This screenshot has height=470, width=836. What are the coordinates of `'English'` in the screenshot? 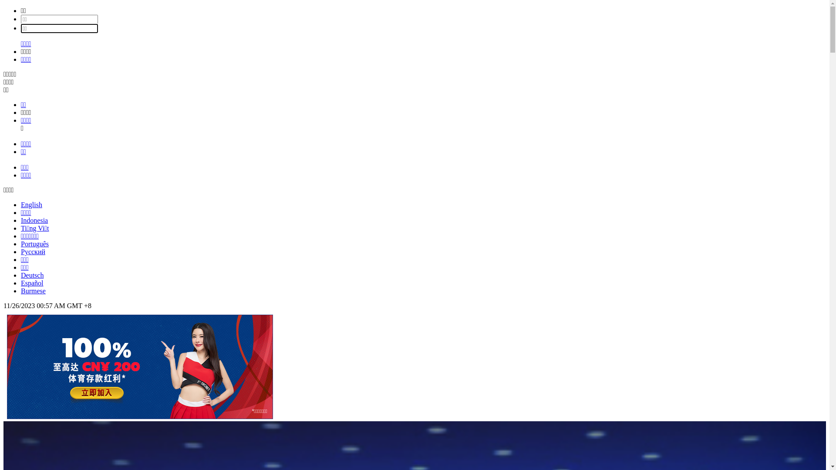 It's located at (21, 205).